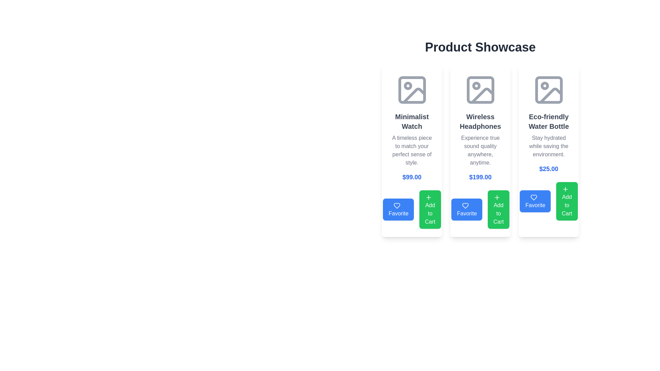 The image size is (660, 371). What do you see at coordinates (480, 209) in the screenshot?
I see `the left button below the product description of 'Wireless Headphones' to mark it as a favorite item` at bounding box center [480, 209].